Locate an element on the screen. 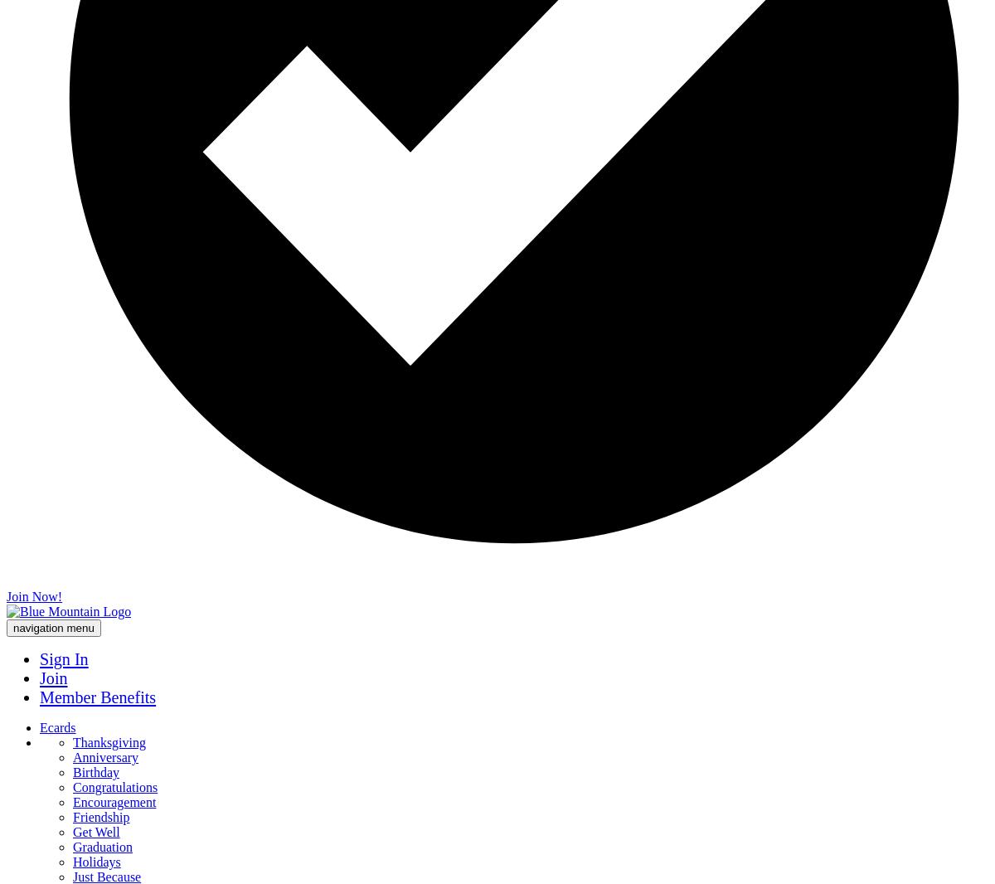  'navigation menu' is located at coordinates (53, 627).